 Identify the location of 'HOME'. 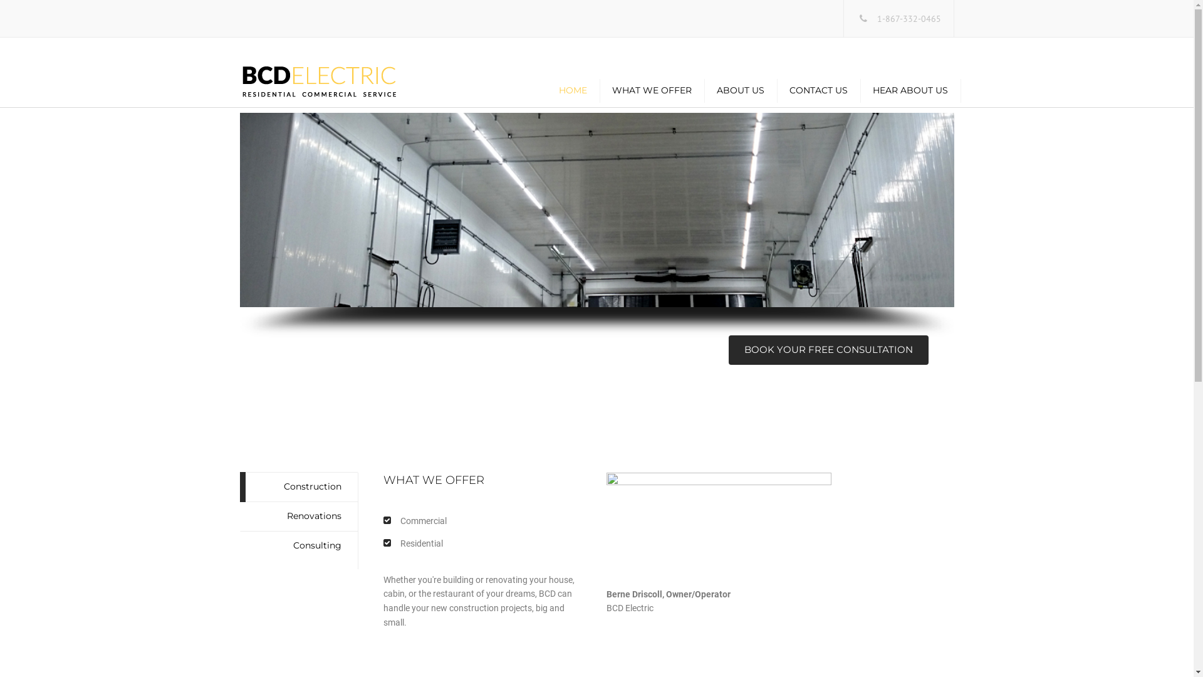
(572, 89).